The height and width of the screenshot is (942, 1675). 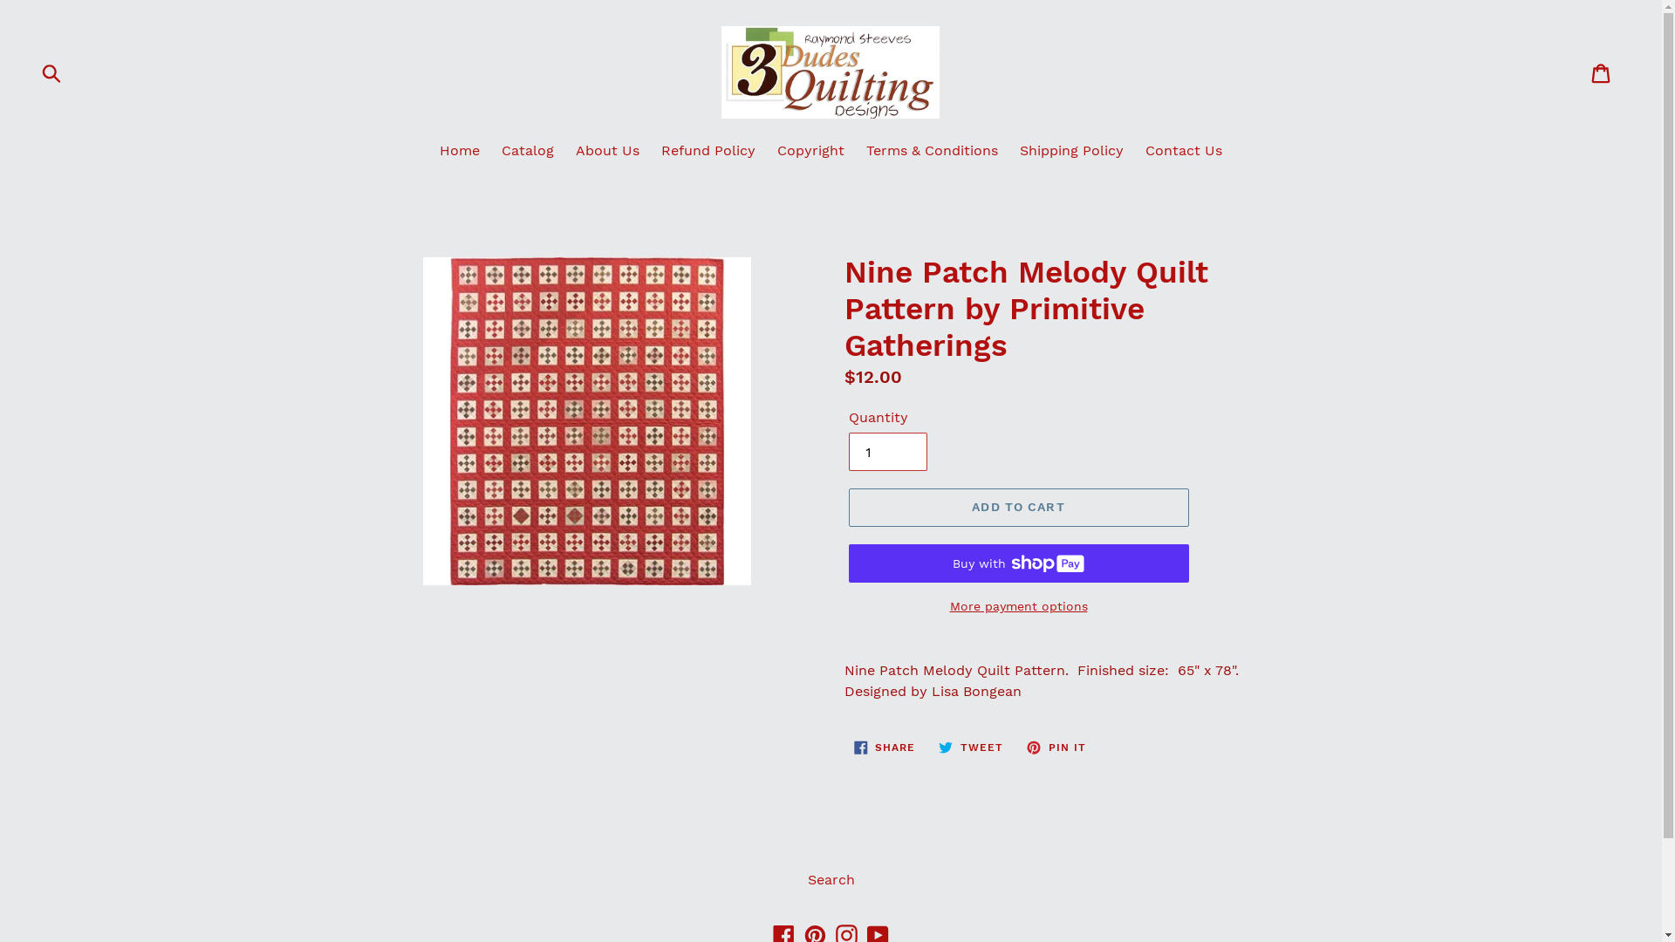 I want to click on 'Refund Policy', so click(x=708, y=151).